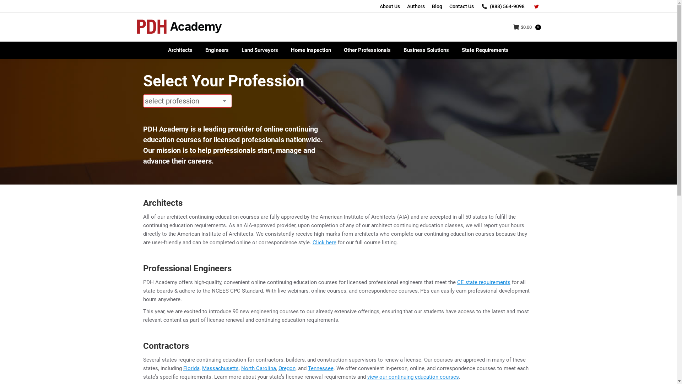  What do you see at coordinates (536, 6) in the screenshot?
I see `'Twitter page opens in new window'` at bounding box center [536, 6].